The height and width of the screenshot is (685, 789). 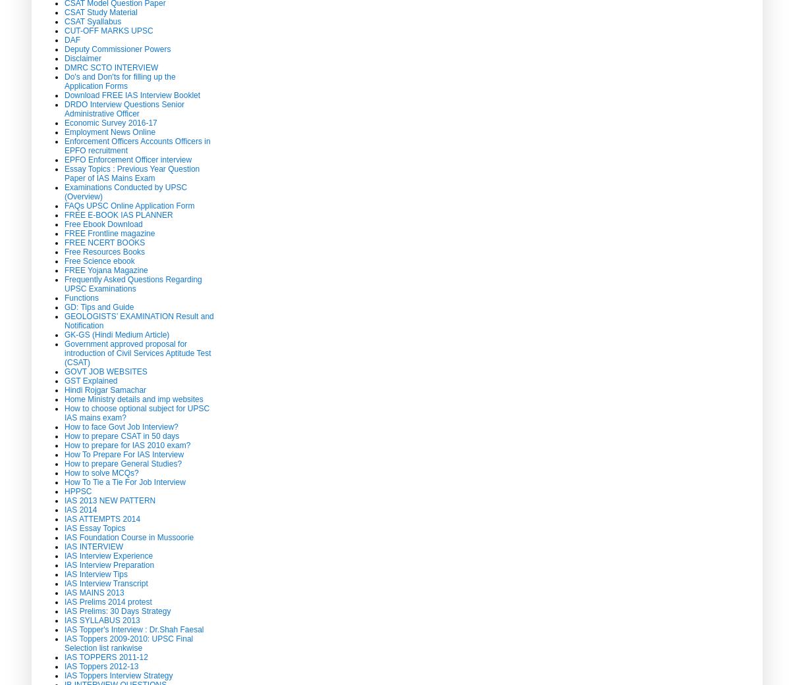 What do you see at coordinates (103, 223) in the screenshot?
I see `'Free Ebook Download'` at bounding box center [103, 223].